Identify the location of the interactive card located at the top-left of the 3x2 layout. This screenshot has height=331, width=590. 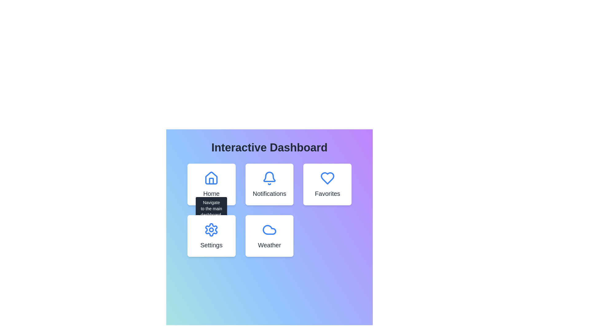
(211, 184).